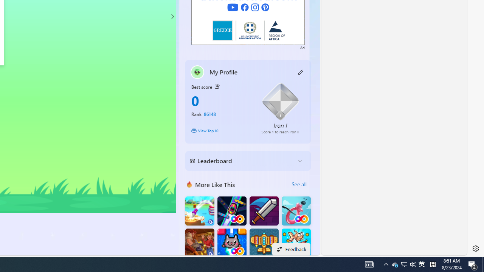 The image size is (484, 272). Describe the element at coordinates (231, 243) in the screenshot. I see `'Kitten Force FRVR'` at that location.